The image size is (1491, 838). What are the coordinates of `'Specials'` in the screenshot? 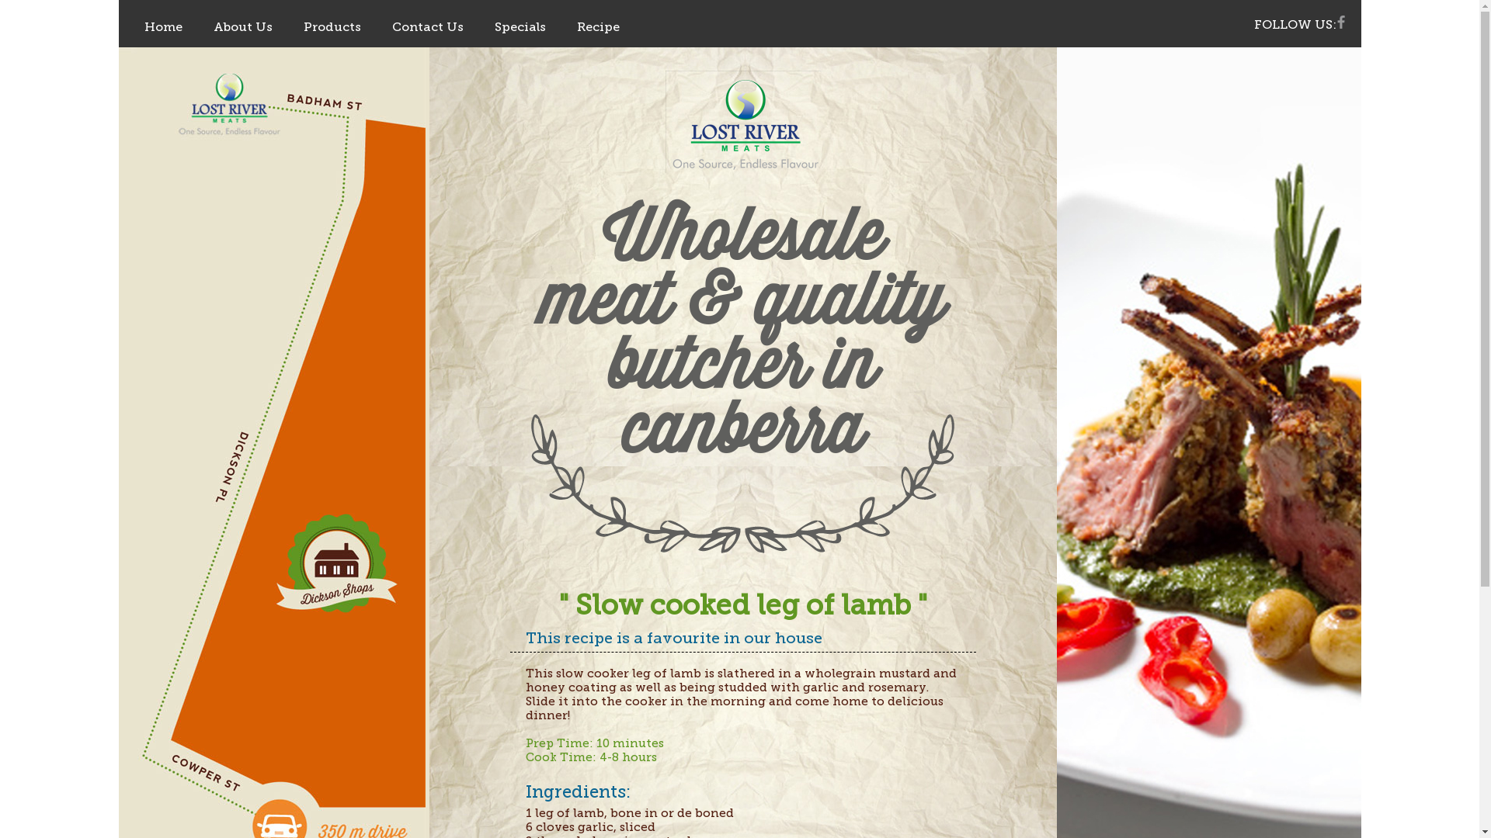 It's located at (519, 26).